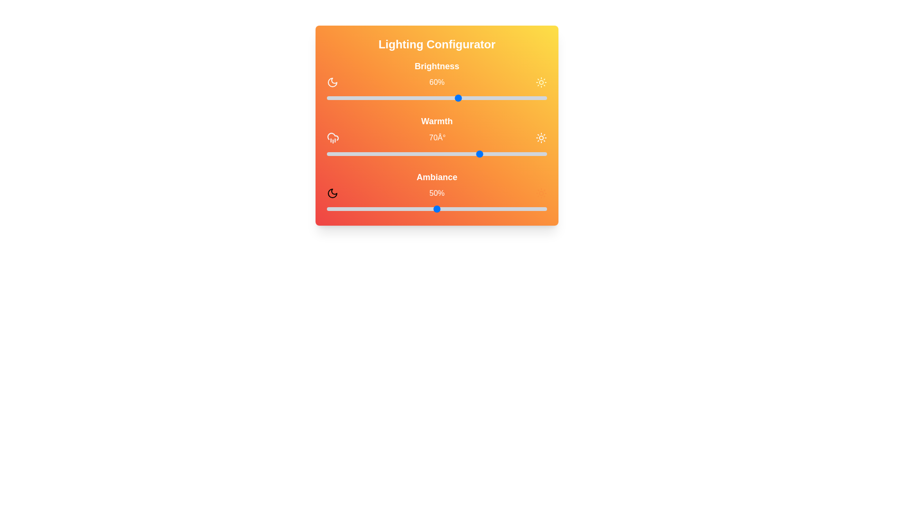  What do you see at coordinates (452, 208) in the screenshot?
I see `the ambiance slider to 57%` at bounding box center [452, 208].